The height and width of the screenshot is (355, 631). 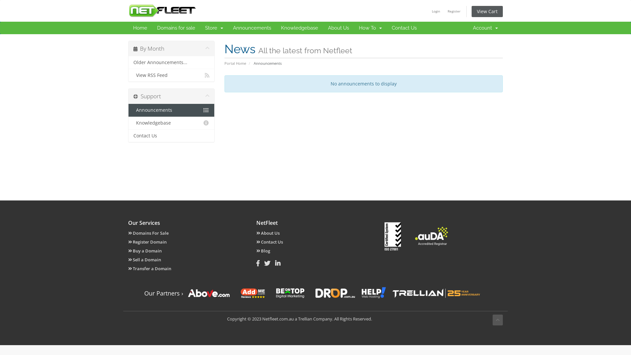 What do you see at coordinates (252, 293) in the screenshot?
I see `'Addme.com - Reputation Management'` at bounding box center [252, 293].